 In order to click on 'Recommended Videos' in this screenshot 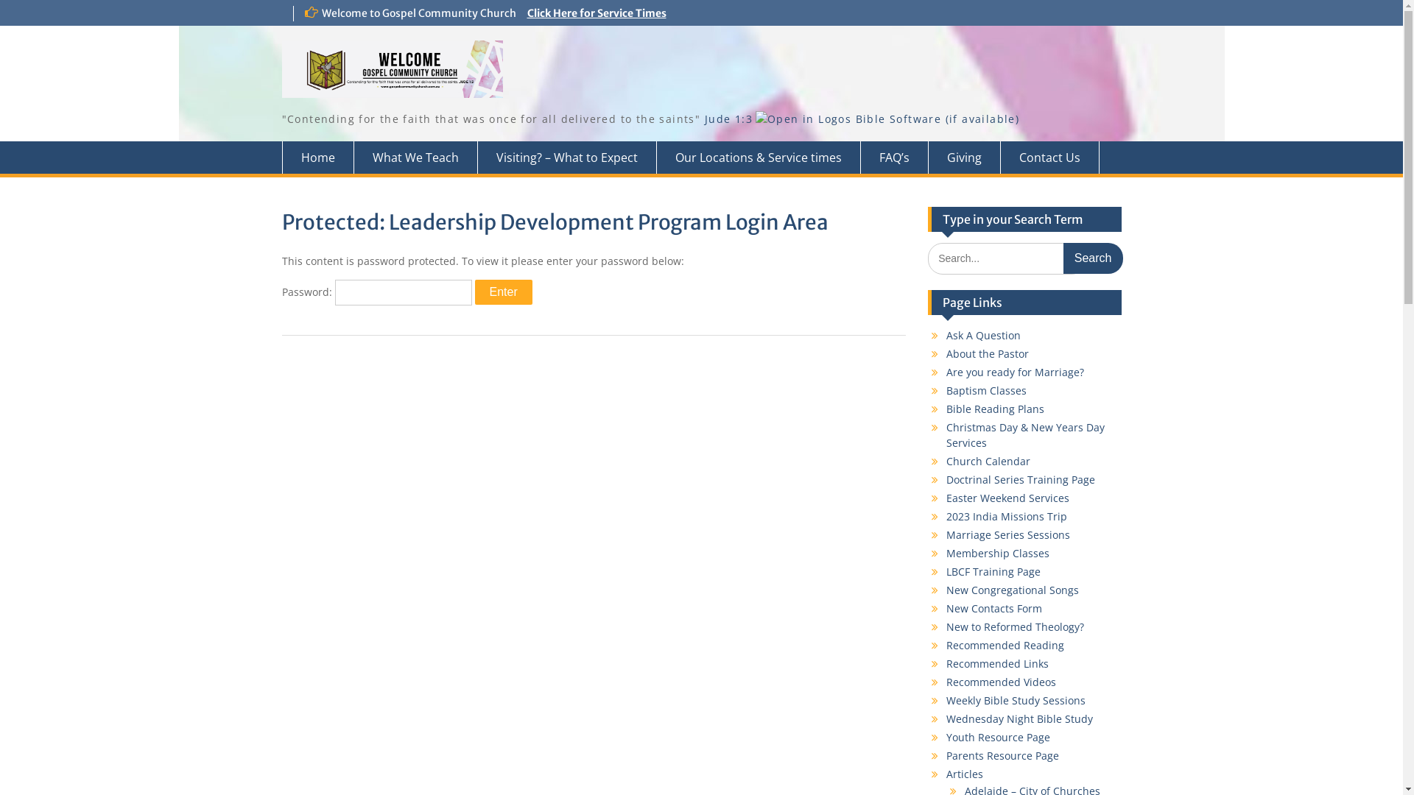, I will do `click(946, 682)`.